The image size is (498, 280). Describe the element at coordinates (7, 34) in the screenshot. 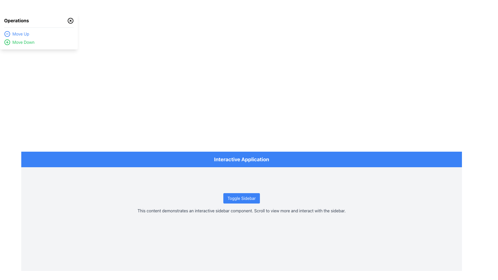

I see `the decorative icon component that represents the 'Move Up' button, located in the 'Operations' section, to the left of the 'Move Up' text` at that location.